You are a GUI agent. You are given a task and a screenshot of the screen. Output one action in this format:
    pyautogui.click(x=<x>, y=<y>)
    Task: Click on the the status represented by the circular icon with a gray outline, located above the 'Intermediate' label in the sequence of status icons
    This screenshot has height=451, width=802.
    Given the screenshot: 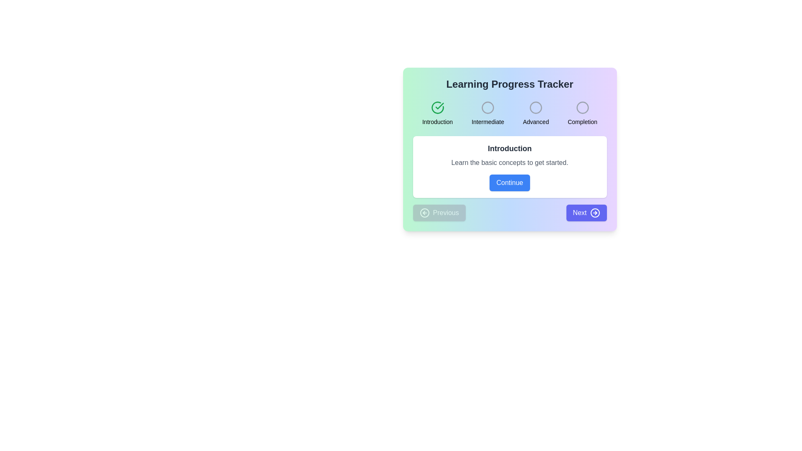 What is the action you would take?
    pyautogui.click(x=487, y=107)
    